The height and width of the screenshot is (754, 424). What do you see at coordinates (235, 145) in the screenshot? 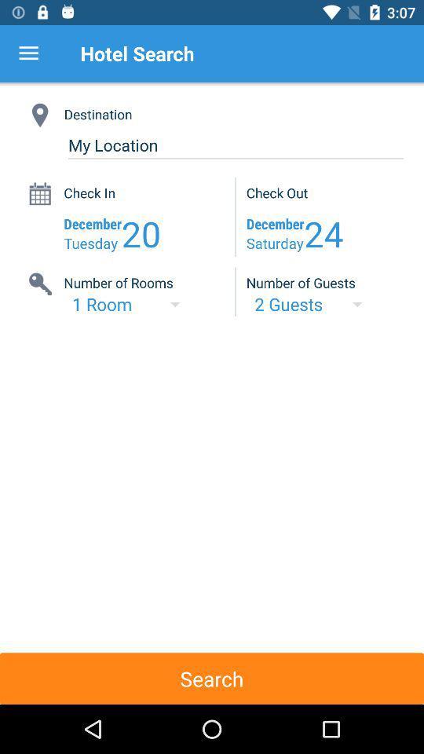
I see `my location icon` at bounding box center [235, 145].